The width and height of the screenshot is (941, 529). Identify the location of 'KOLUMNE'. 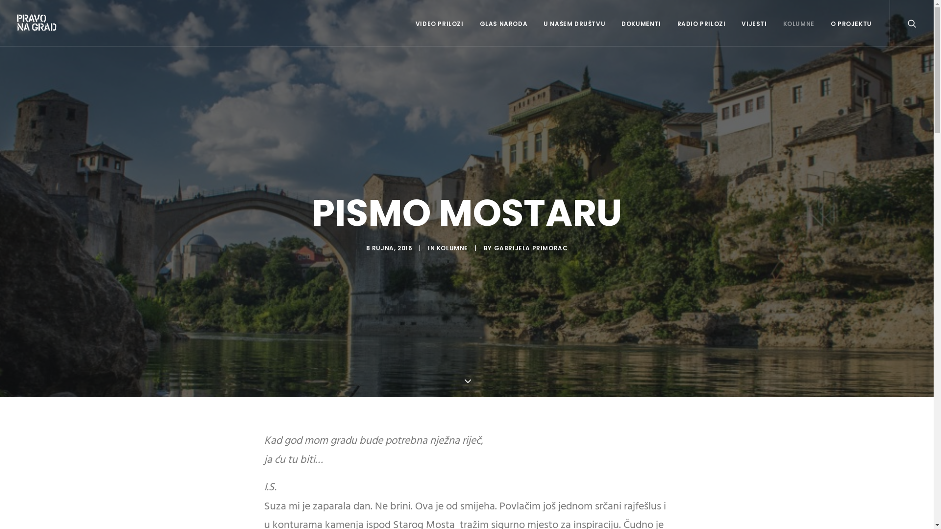
(436, 247).